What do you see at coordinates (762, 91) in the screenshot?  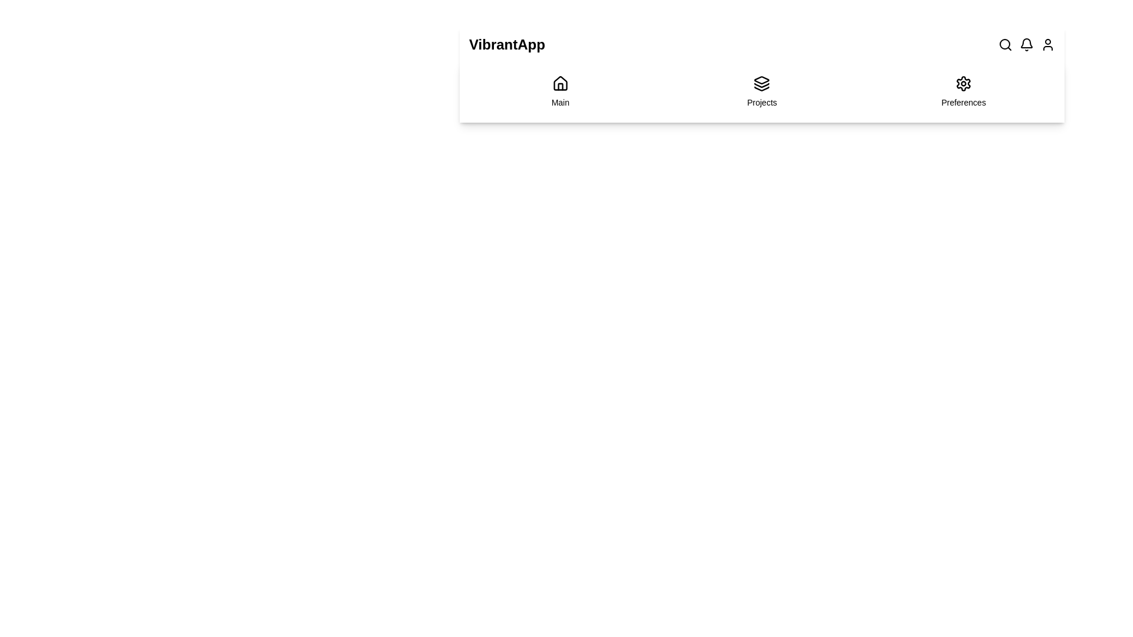 I see `the 'Projects' navigation item` at bounding box center [762, 91].